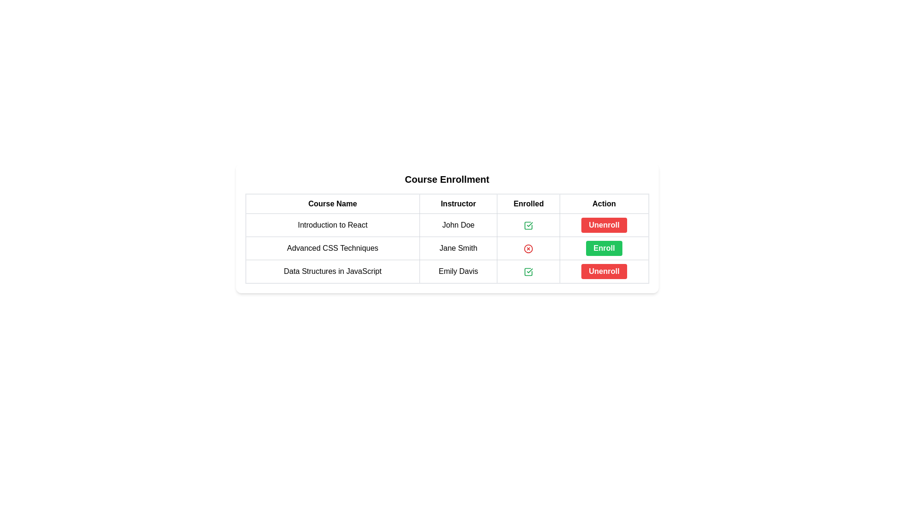 Image resolution: width=906 pixels, height=510 pixels. I want to click on the enrollment status indicator for the 'Advanced CSS Techniques' course, located under the 'Enrolled' column between 'Jane Smith' and the 'Enroll' button, so click(528, 247).